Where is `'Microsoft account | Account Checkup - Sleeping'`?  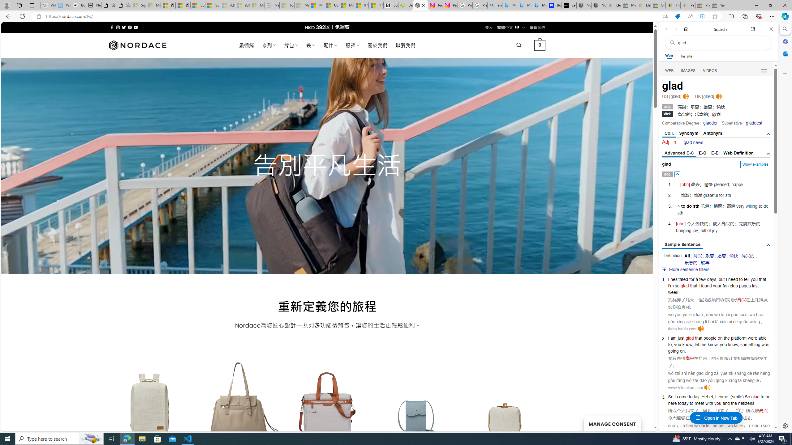
'Microsoft account | Account Checkup - Sleeping' is located at coordinates (257, 5).